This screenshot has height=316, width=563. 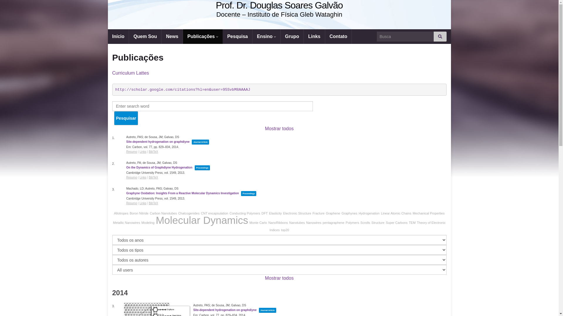 I want to click on 'Quem Sou', so click(x=145, y=36).